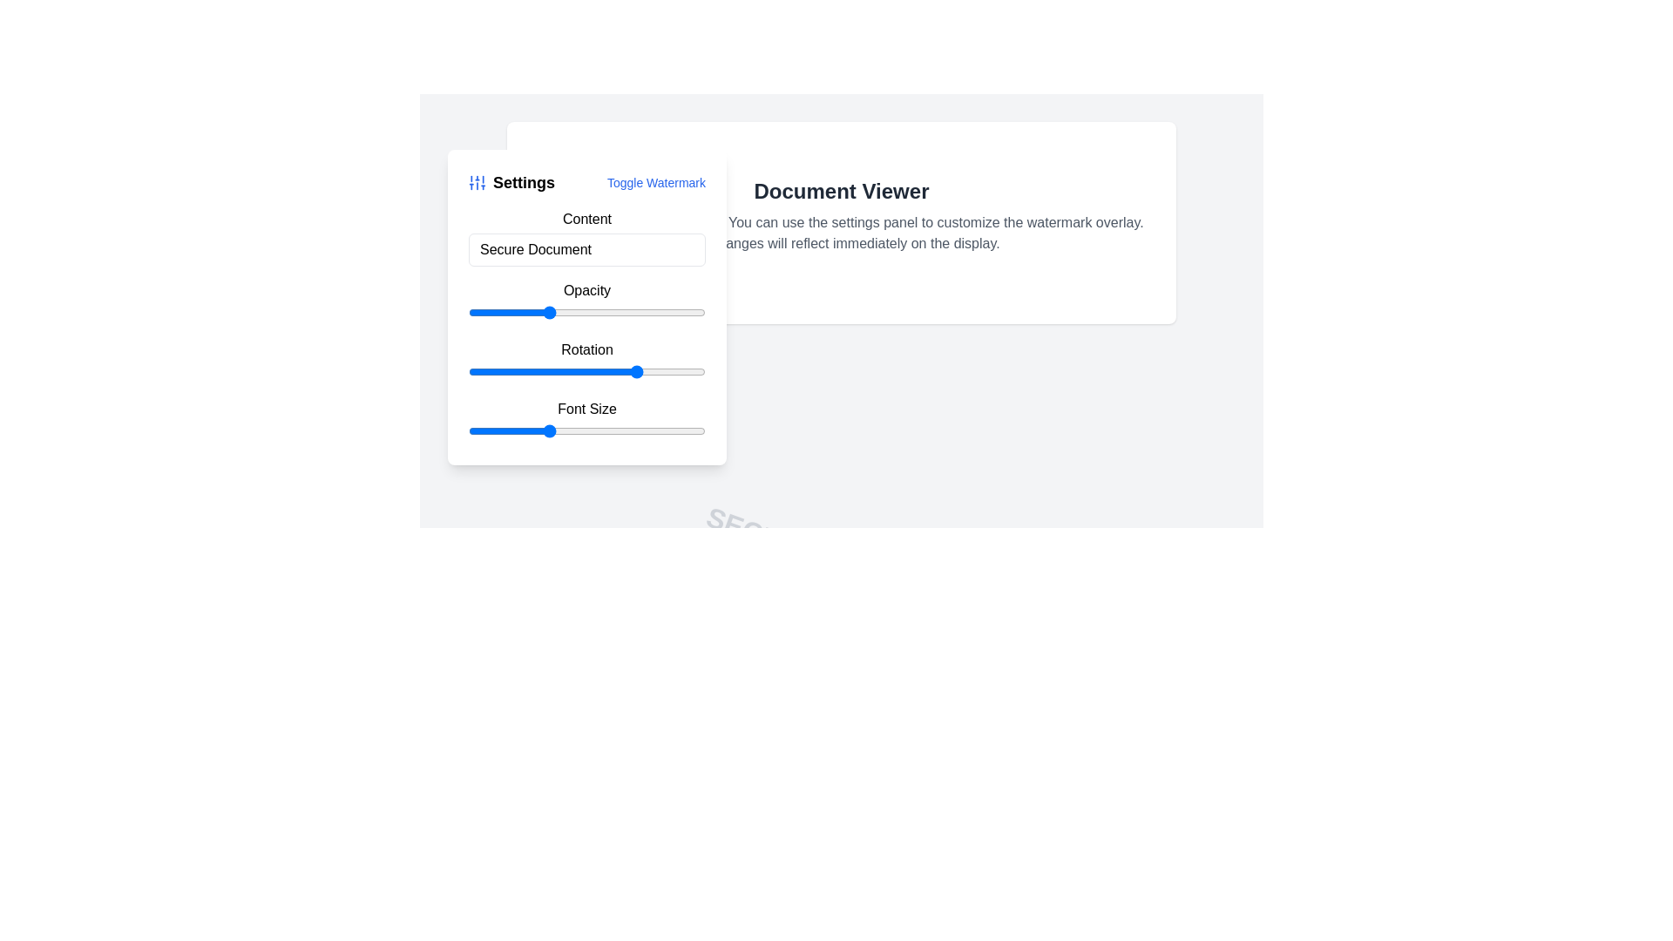  What do you see at coordinates (474, 371) in the screenshot?
I see `the rotation value` at bounding box center [474, 371].